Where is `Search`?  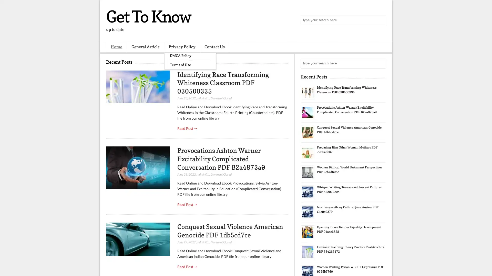
Search is located at coordinates (381, 63).